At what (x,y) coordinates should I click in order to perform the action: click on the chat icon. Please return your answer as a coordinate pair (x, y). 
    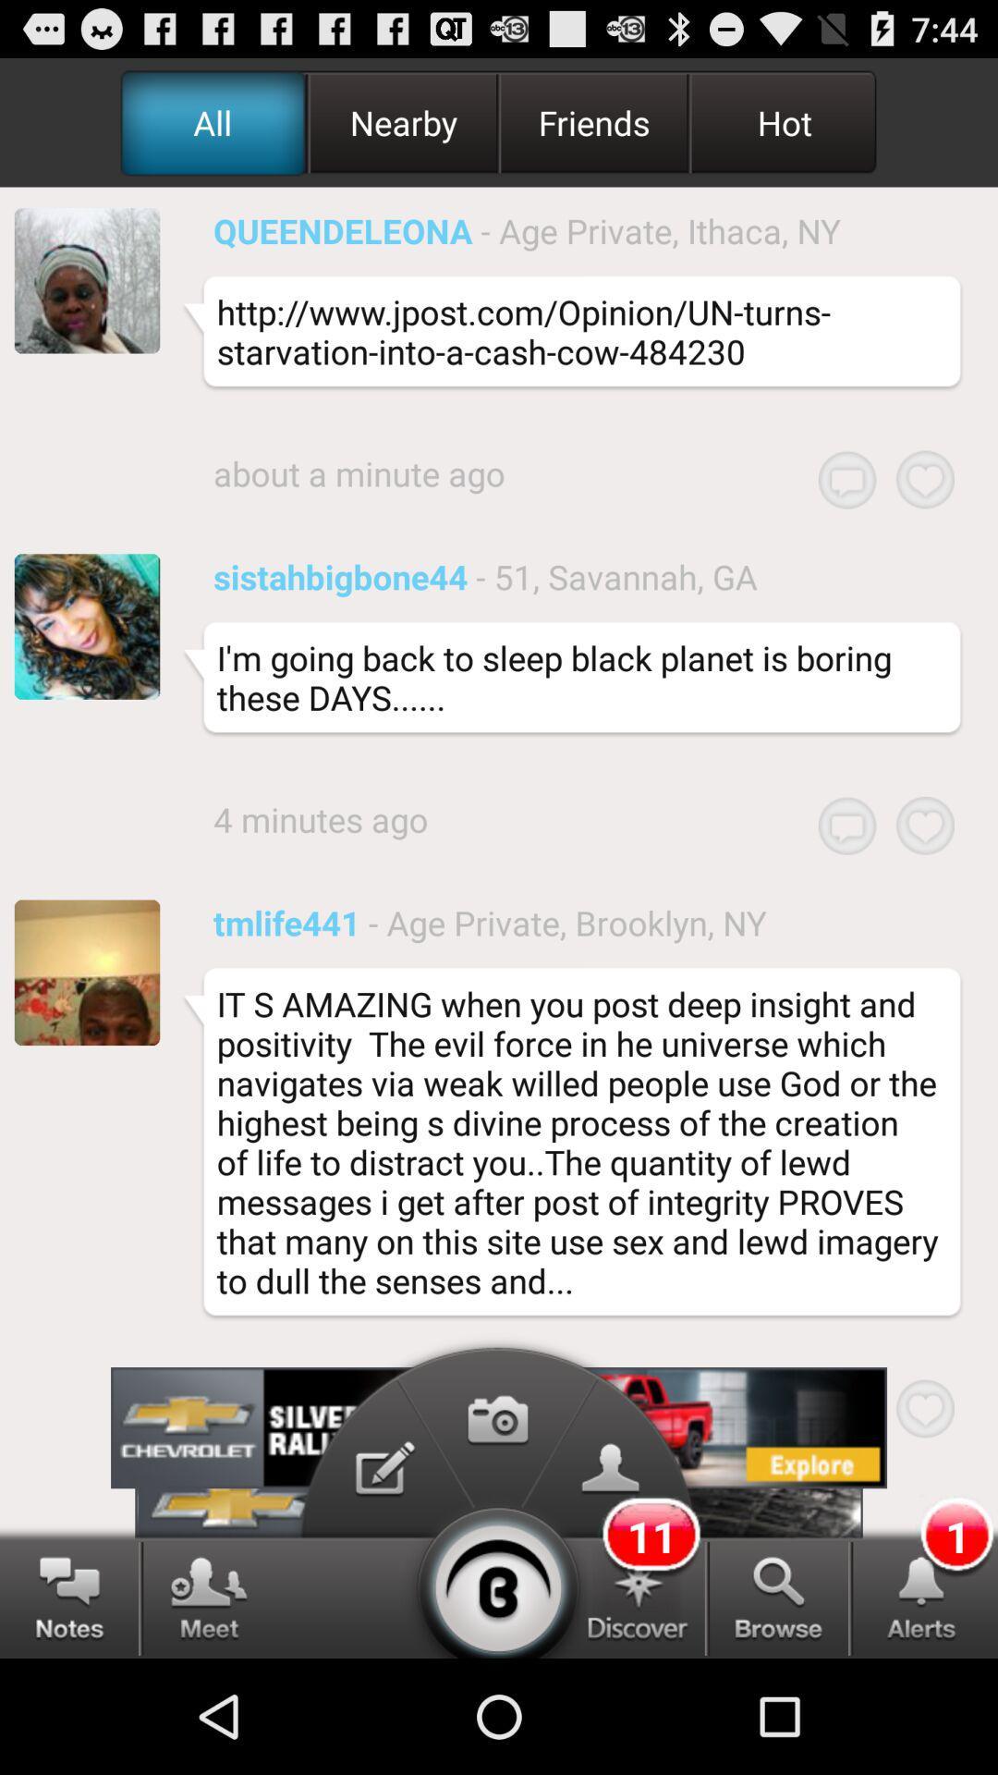
    Looking at the image, I should click on (67, 1708).